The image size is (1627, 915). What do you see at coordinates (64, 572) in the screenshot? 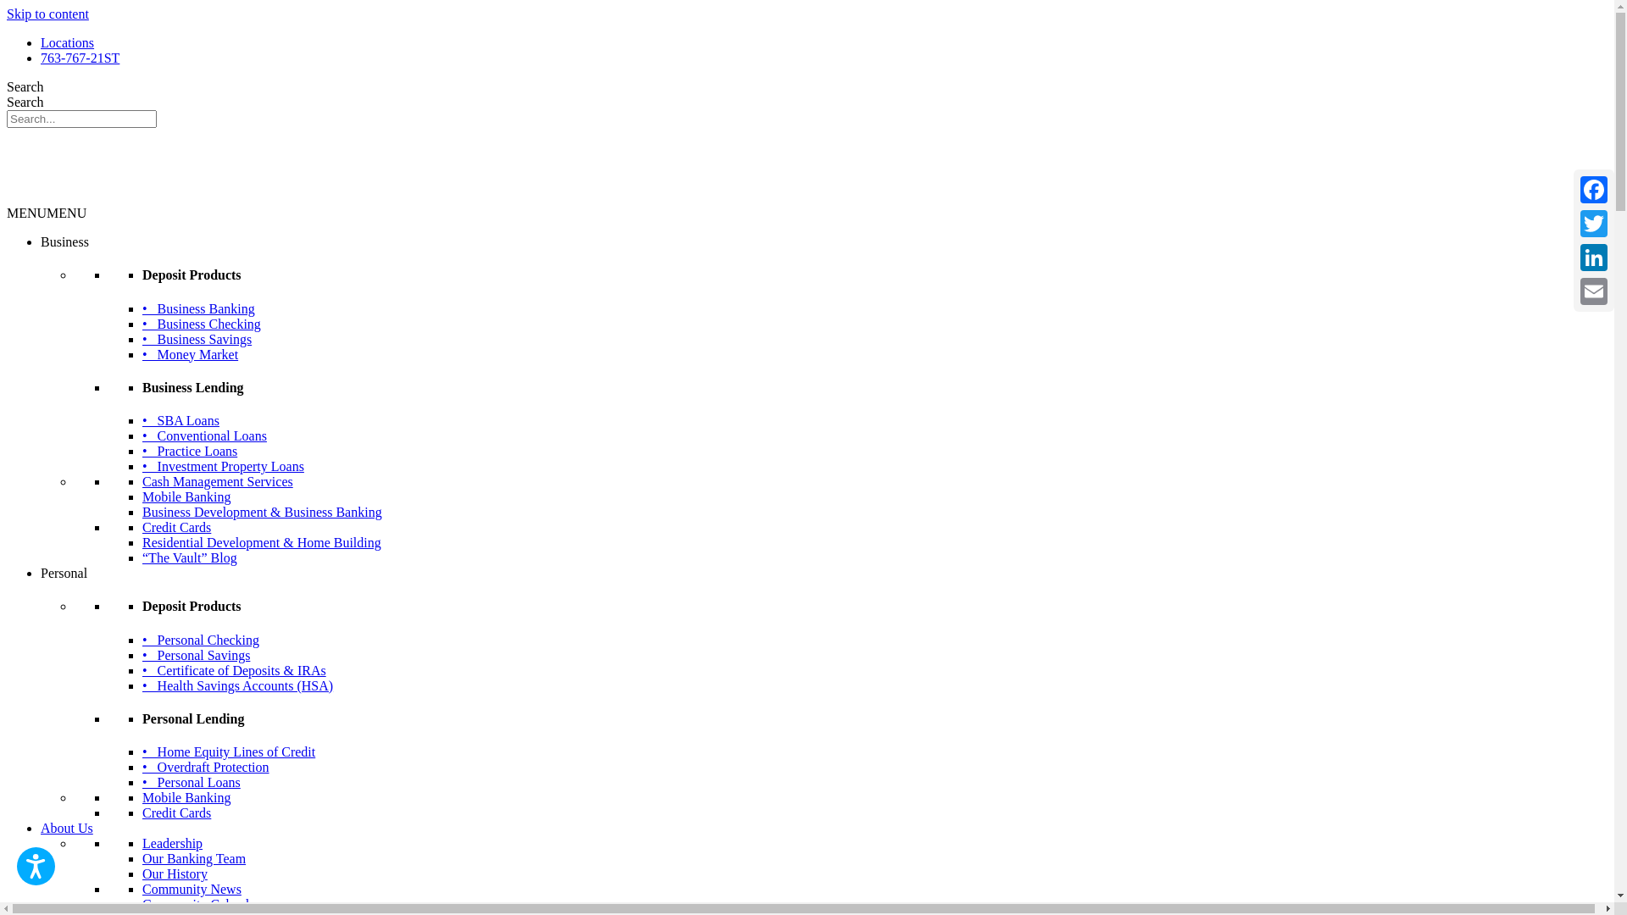
I see `'Personal'` at bounding box center [64, 572].